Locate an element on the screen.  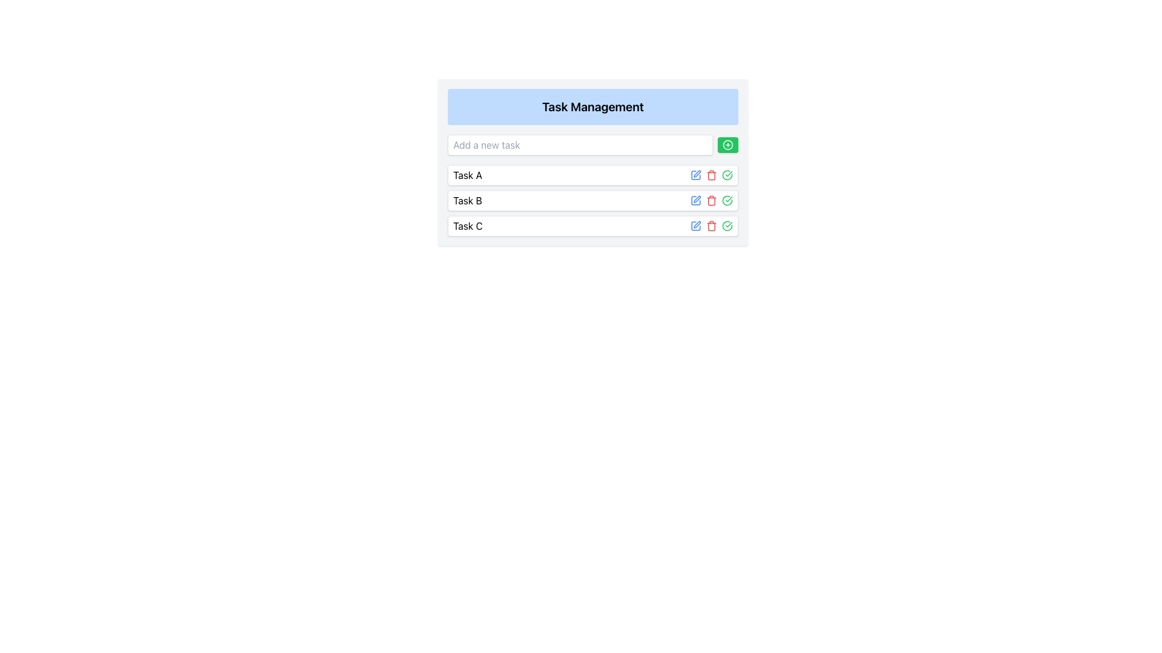
to select or highlight the second task item in the task management interface, located between 'Task A' and 'Task C' is located at coordinates (592, 200).